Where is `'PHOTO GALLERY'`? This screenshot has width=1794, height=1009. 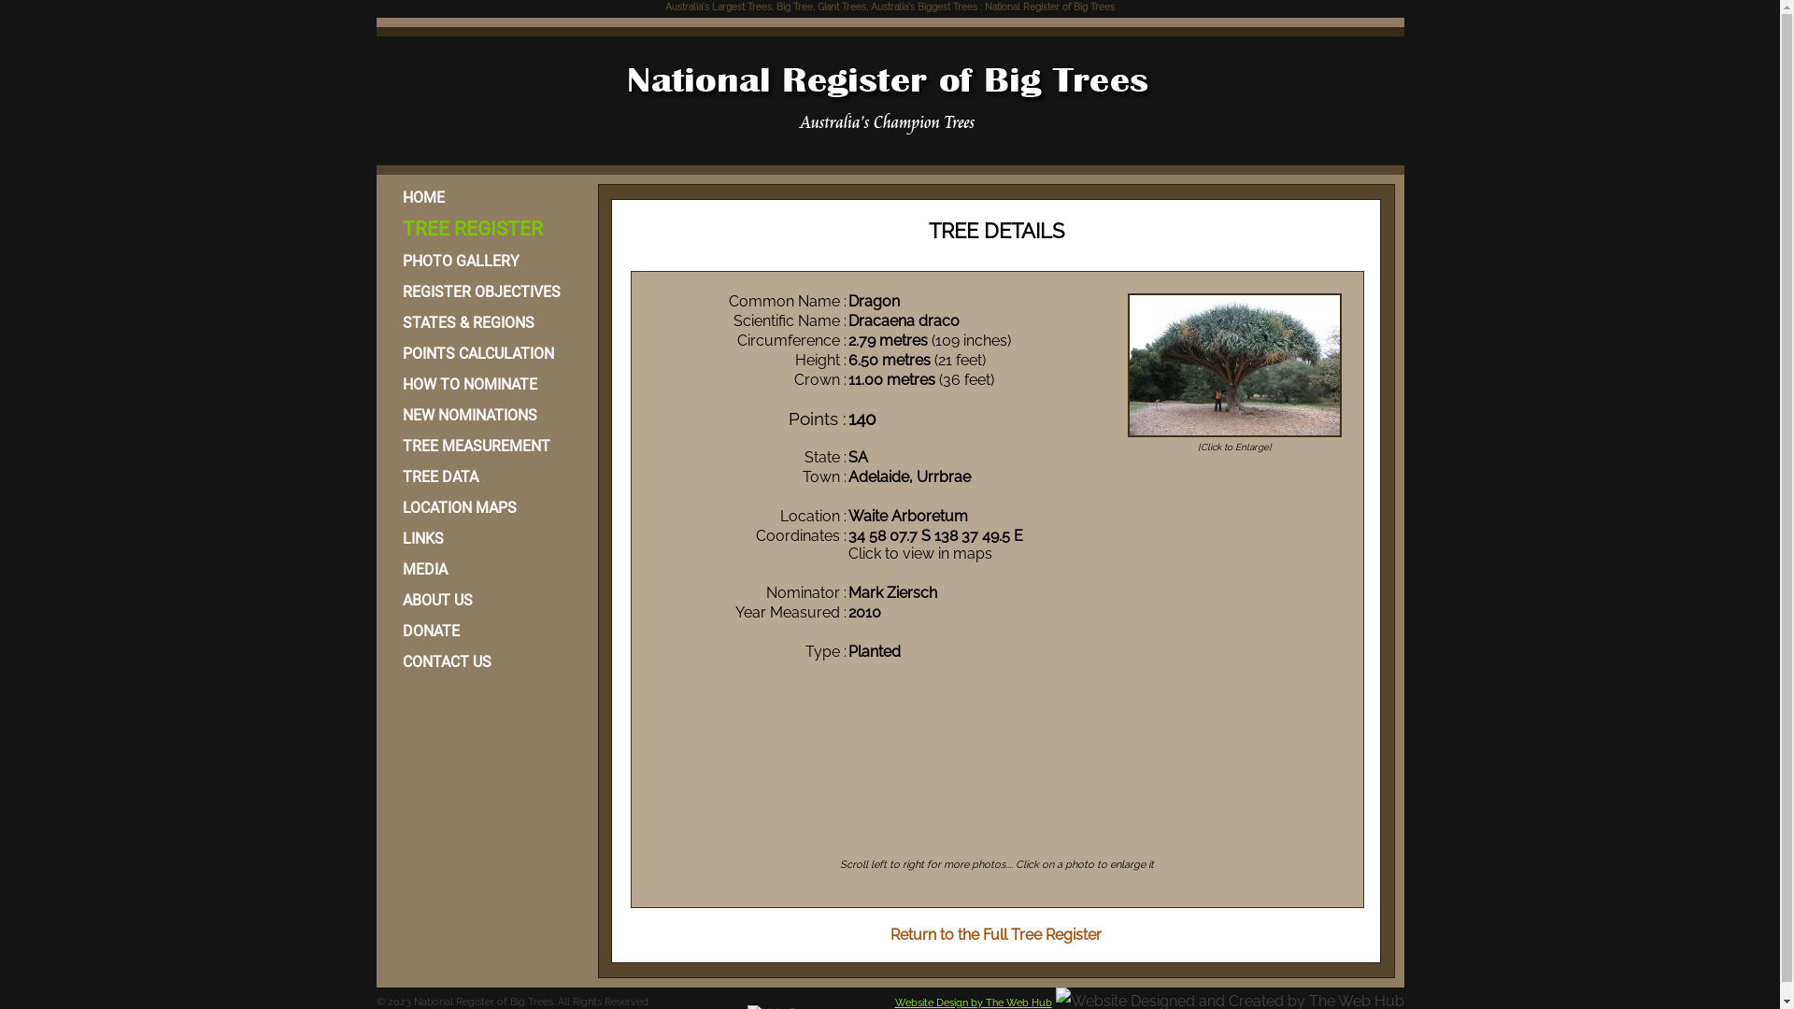
'PHOTO GALLERY' is located at coordinates (484, 261).